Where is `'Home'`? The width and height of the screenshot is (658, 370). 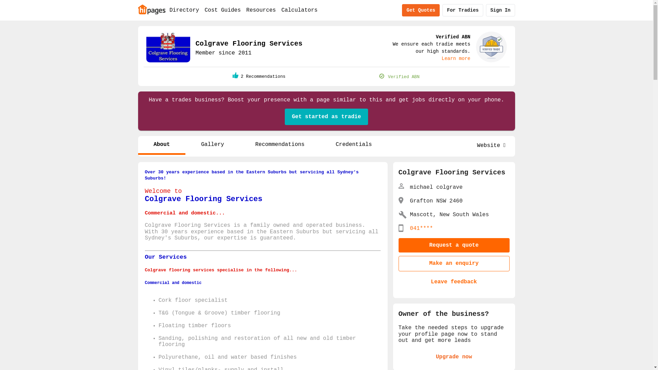 'Home' is located at coordinates (151, 9).